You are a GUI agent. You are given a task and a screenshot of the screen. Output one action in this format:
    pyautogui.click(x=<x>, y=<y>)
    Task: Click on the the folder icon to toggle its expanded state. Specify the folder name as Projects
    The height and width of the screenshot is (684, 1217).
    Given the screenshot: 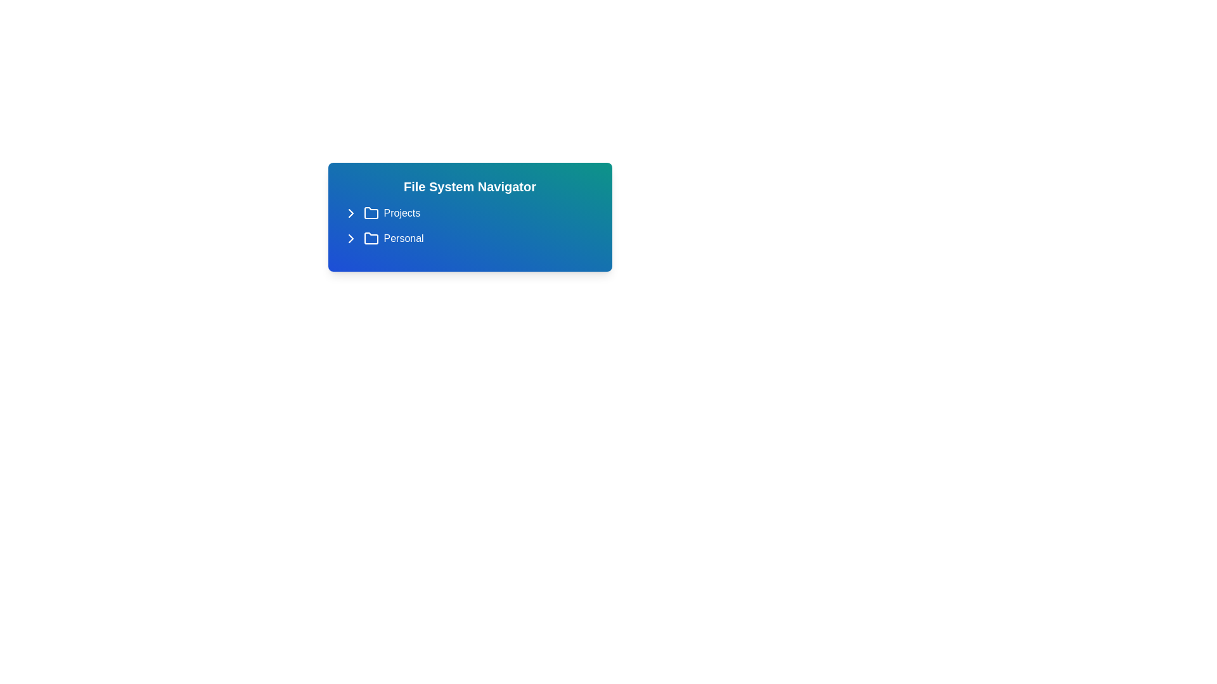 What is the action you would take?
    pyautogui.click(x=351, y=212)
    